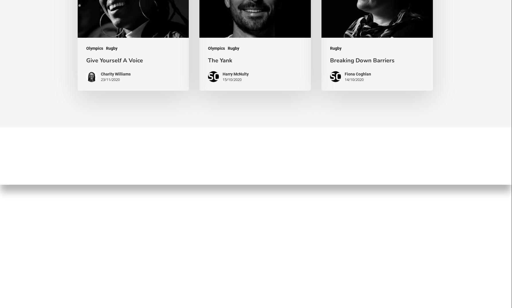 Image resolution: width=512 pixels, height=308 pixels. Describe the element at coordinates (114, 60) in the screenshot. I see `'Give Yourself A Voice'` at that location.